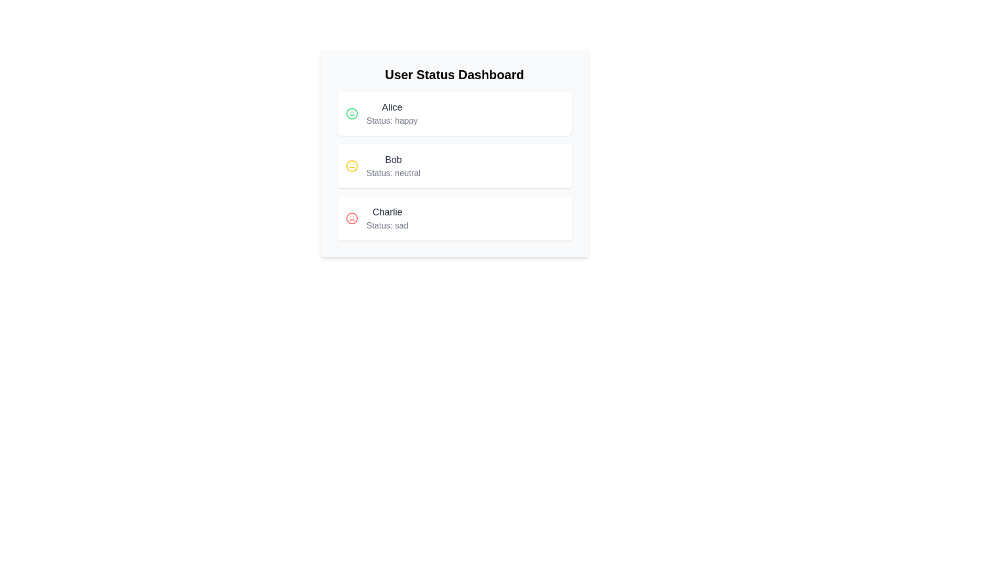 The width and height of the screenshot is (1006, 566). Describe the element at coordinates (387, 217) in the screenshot. I see `the text block displaying the user name 'Charlie' and their current status 'sad', located in the third row of the 'User Status Dashboard' list` at that location.